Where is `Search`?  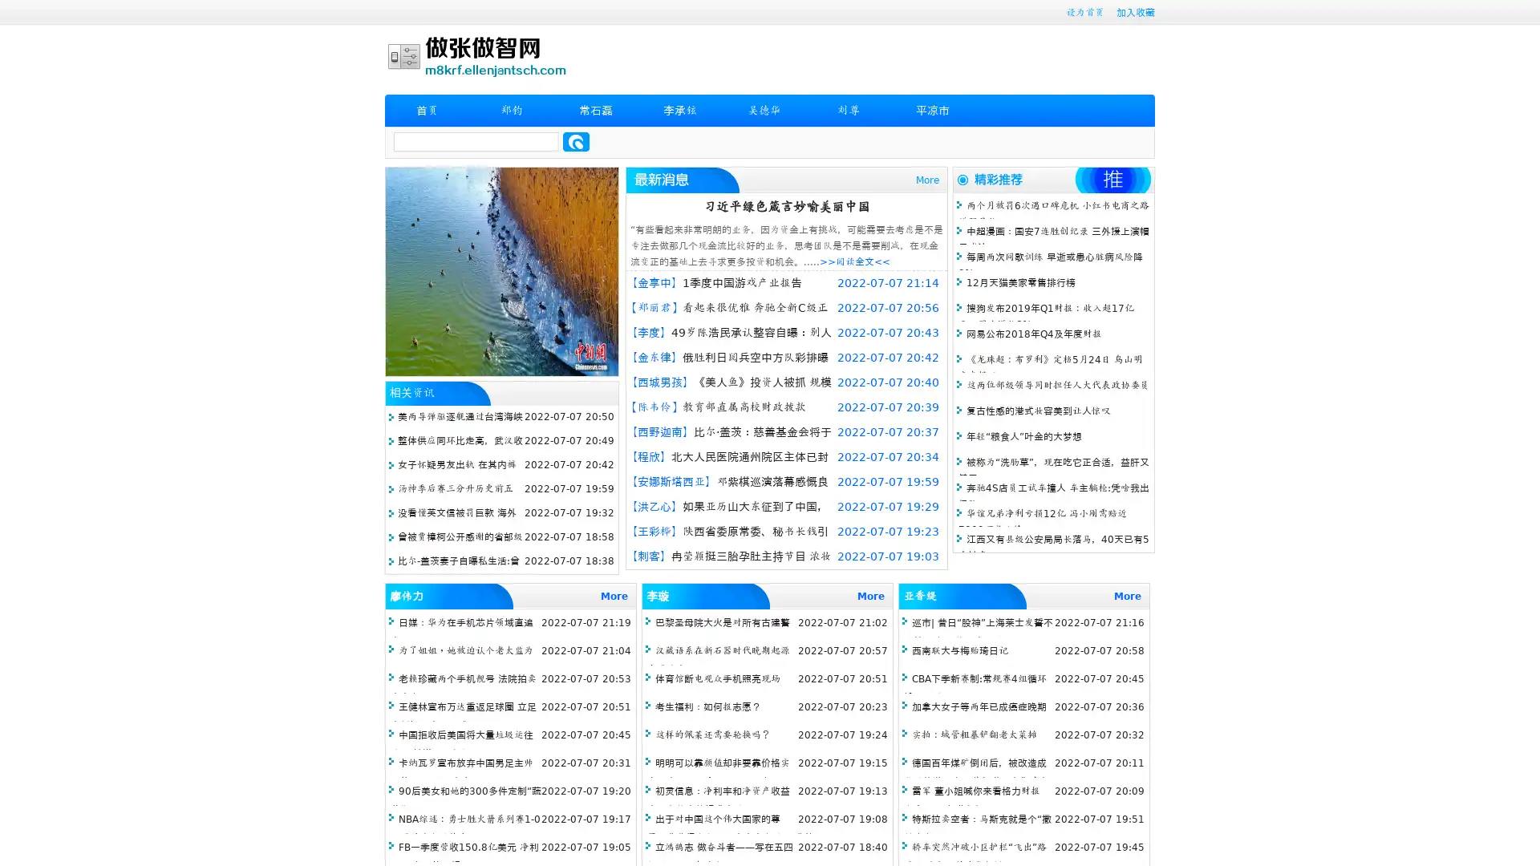 Search is located at coordinates (576, 141).